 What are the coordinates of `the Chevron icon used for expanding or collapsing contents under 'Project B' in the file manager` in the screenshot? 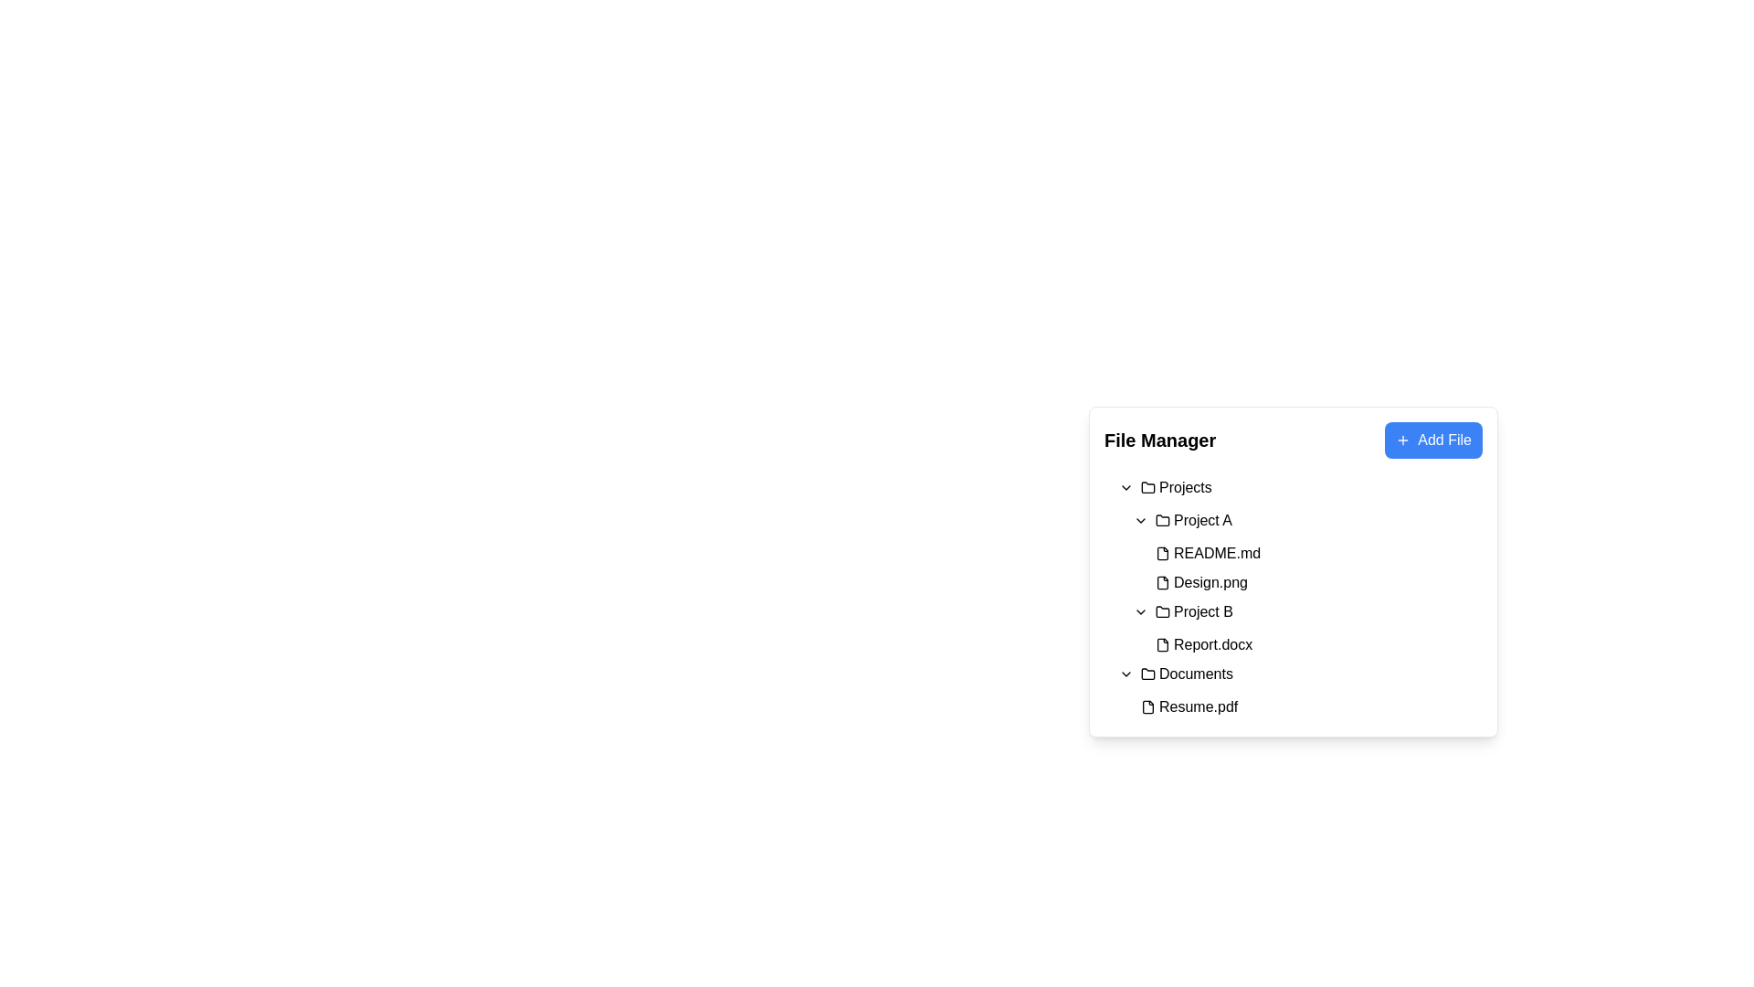 It's located at (1139, 612).